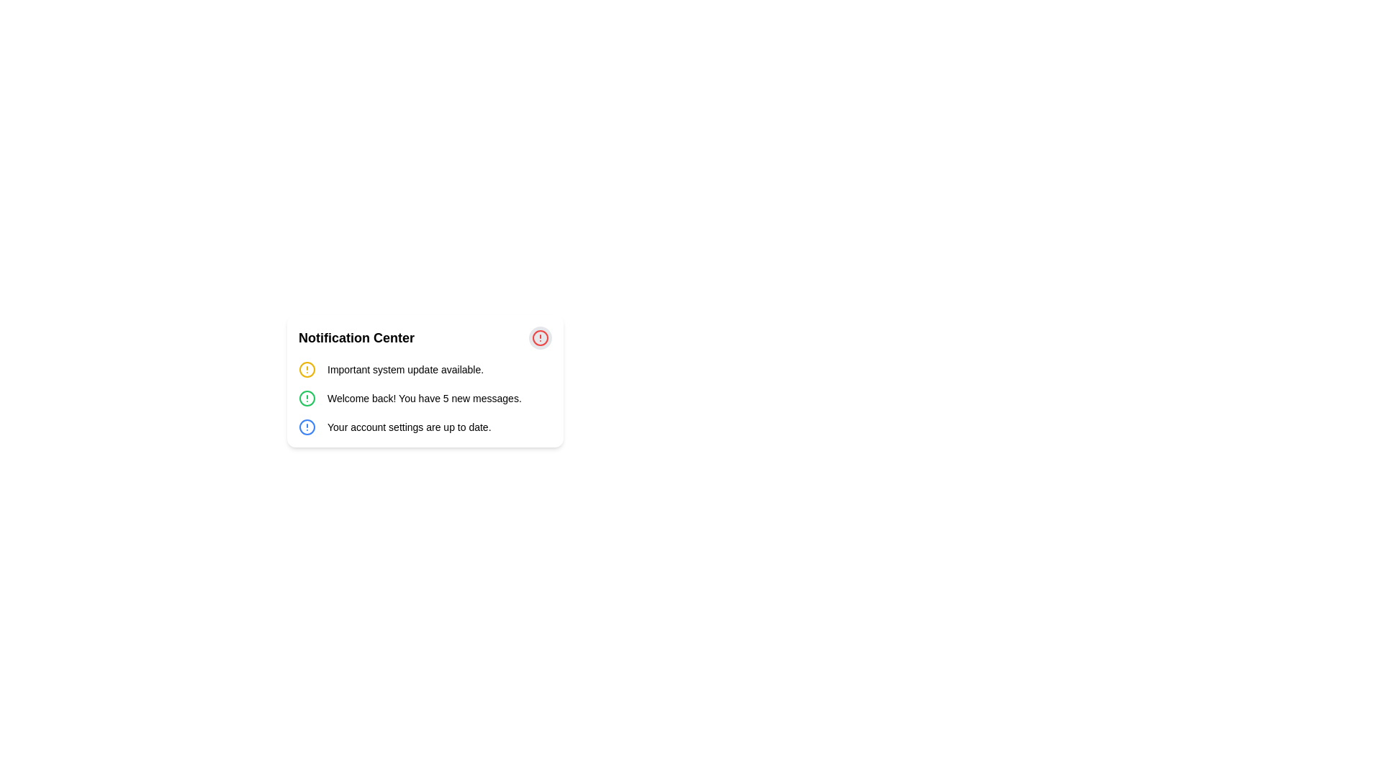  I want to click on the circular shape with a yellow boundary and white fill, which is part of the alert icon indicating 'Important system update available.', so click(307, 368).